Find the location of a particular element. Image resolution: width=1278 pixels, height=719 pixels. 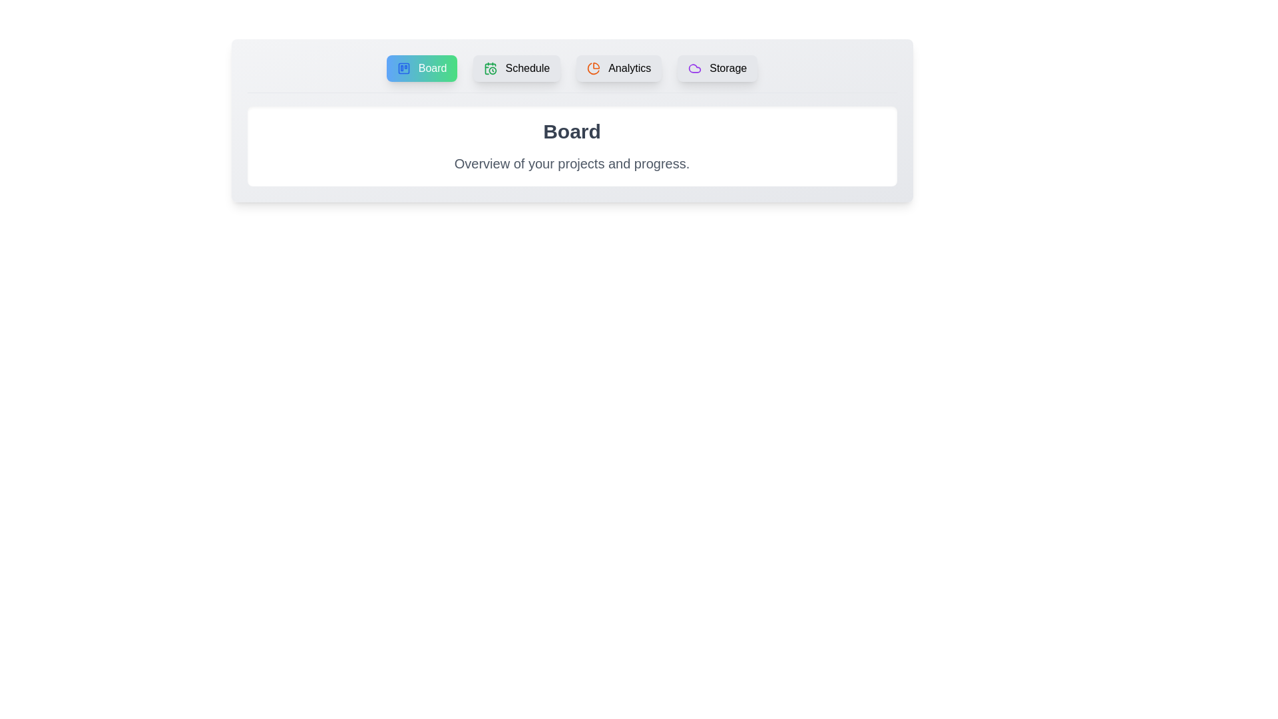

the tab corresponding to Analytics in the tab menu is located at coordinates (618, 69).